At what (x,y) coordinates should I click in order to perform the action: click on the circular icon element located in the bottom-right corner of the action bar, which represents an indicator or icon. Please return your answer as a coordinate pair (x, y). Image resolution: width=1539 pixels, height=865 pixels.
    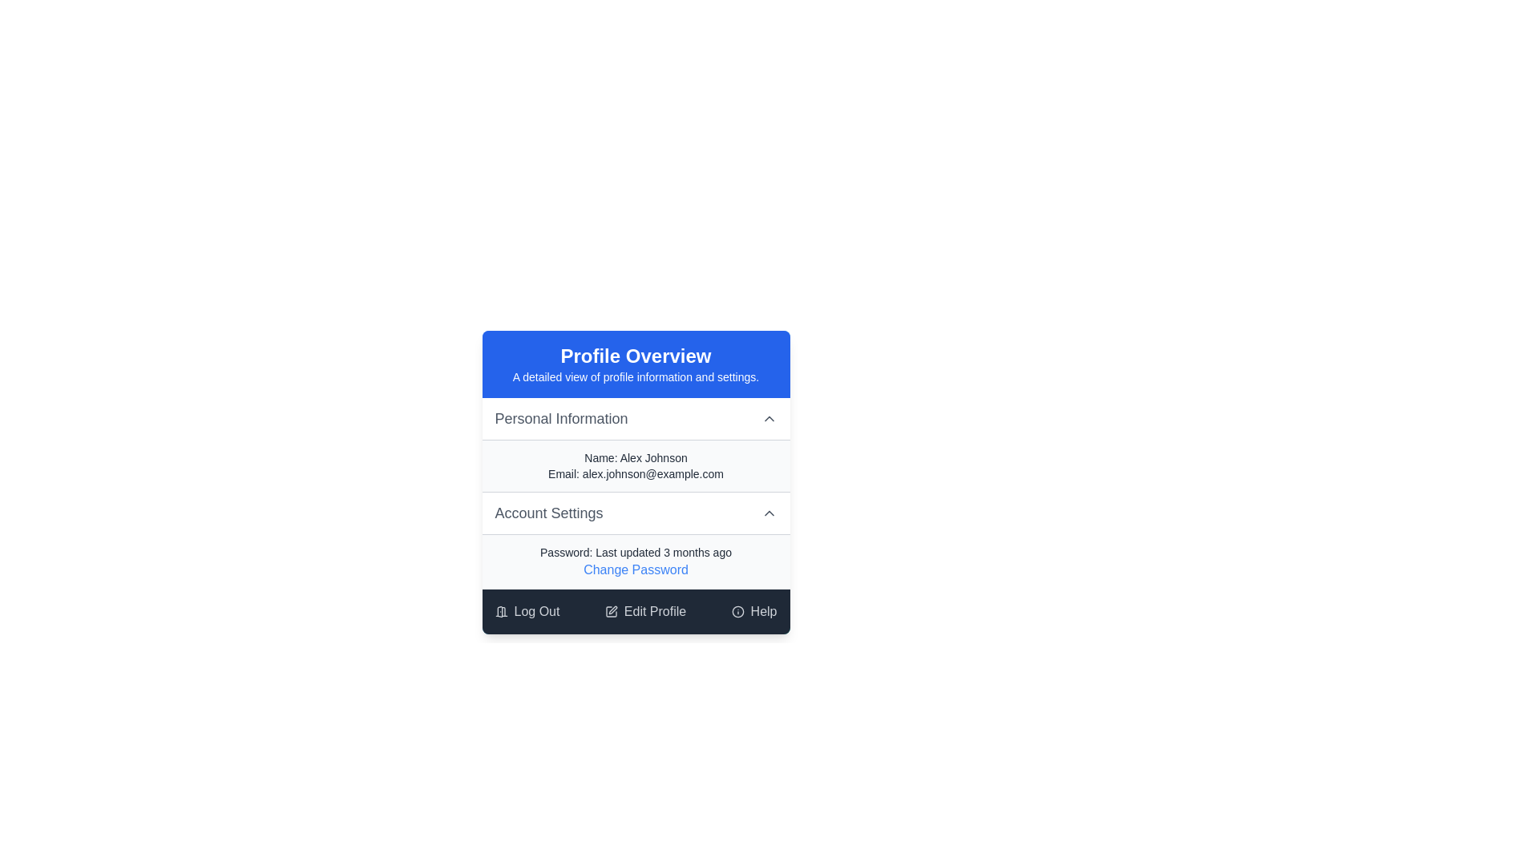
    Looking at the image, I should click on (737, 611).